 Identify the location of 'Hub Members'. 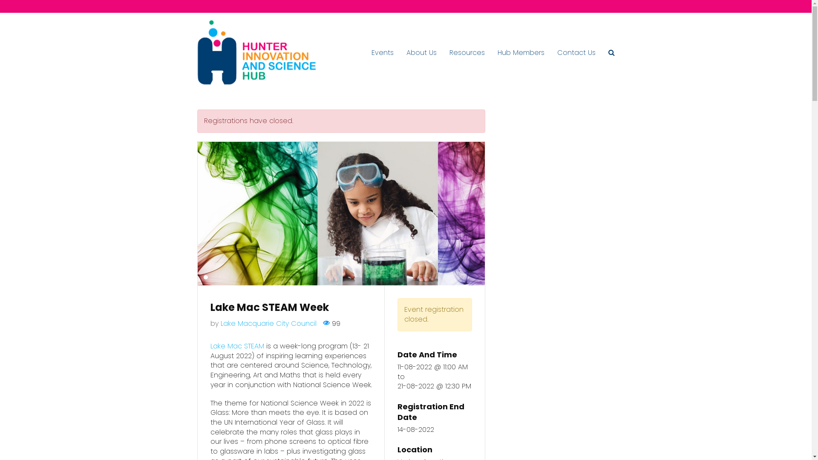
(520, 52).